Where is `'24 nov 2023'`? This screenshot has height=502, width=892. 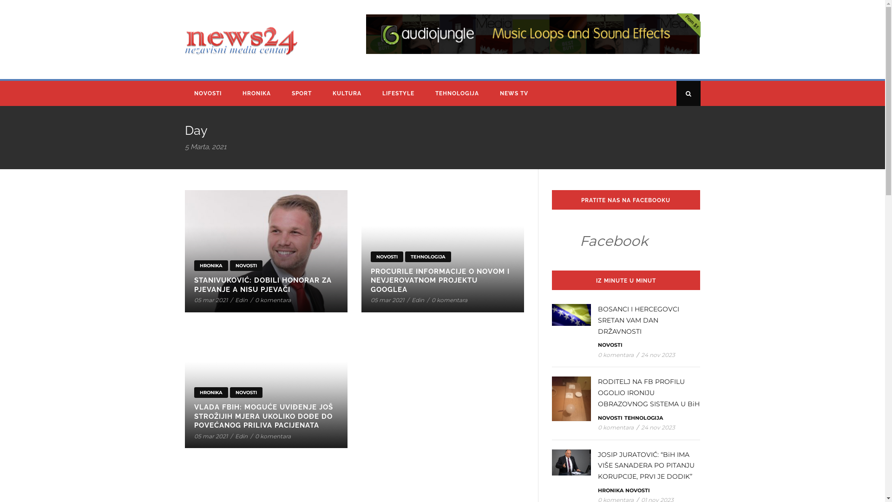 '24 nov 2023' is located at coordinates (657, 355).